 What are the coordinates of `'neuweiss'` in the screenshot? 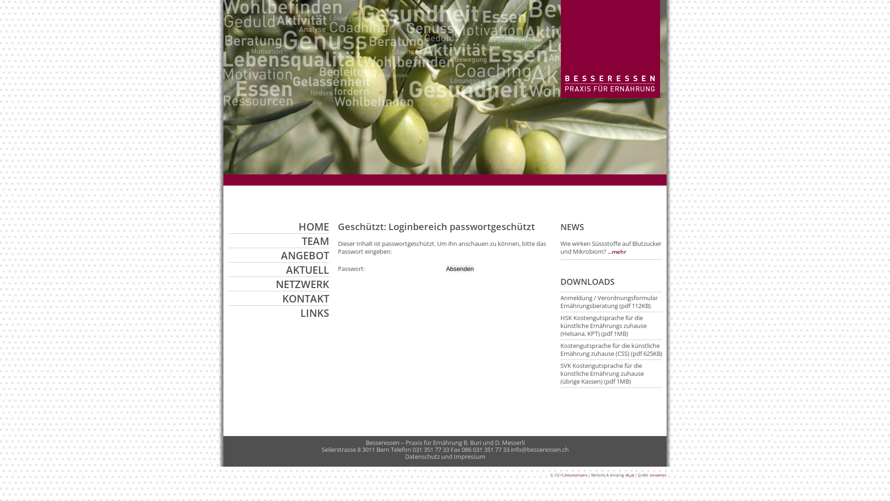 It's located at (658, 475).